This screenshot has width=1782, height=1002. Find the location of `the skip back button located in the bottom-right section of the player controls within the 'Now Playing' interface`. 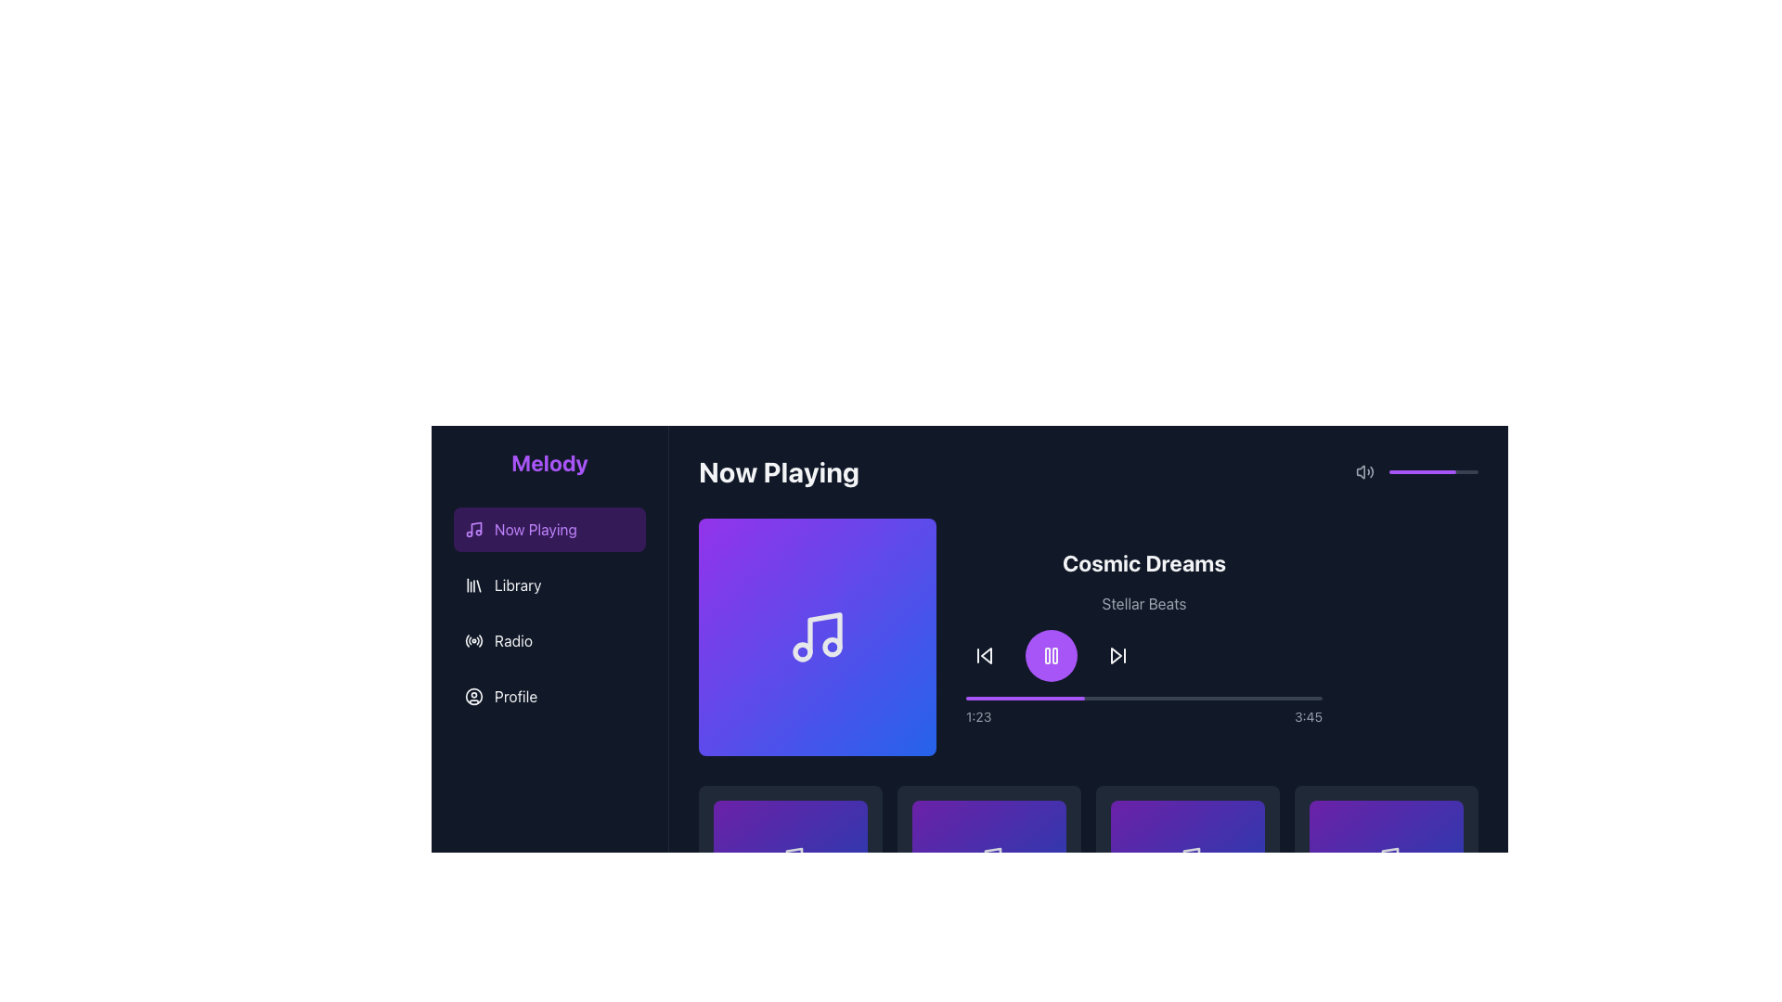

the skip back button located in the bottom-right section of the player controls within the 'Now Playing' interface is located at coordinates (983, 654).